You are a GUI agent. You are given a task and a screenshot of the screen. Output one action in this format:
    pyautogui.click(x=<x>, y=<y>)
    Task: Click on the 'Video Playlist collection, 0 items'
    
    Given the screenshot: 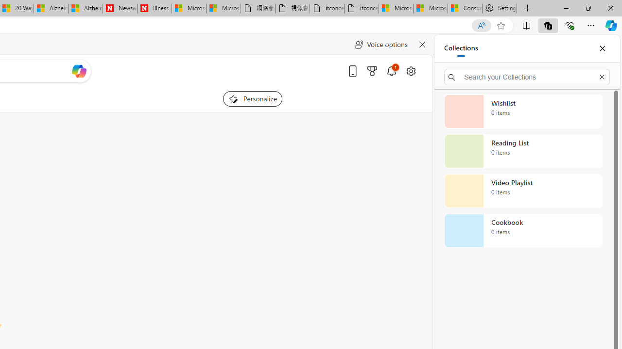 What is the action you would take?
    pyautogui.click(x=523, y=191)
    